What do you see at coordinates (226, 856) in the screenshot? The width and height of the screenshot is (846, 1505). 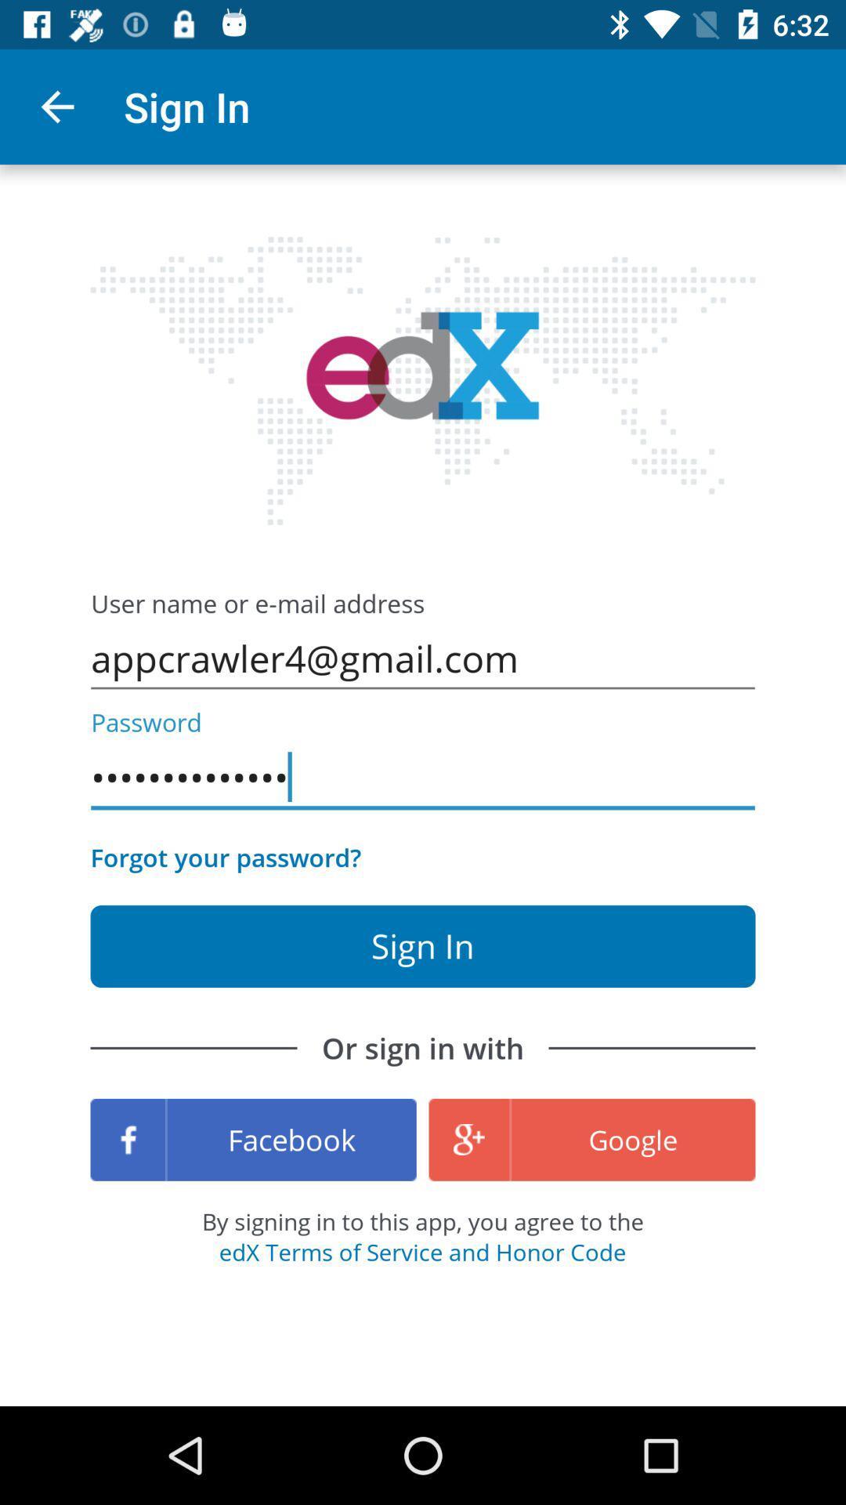 I see `the item on the left` at bounding box center [226, 856].